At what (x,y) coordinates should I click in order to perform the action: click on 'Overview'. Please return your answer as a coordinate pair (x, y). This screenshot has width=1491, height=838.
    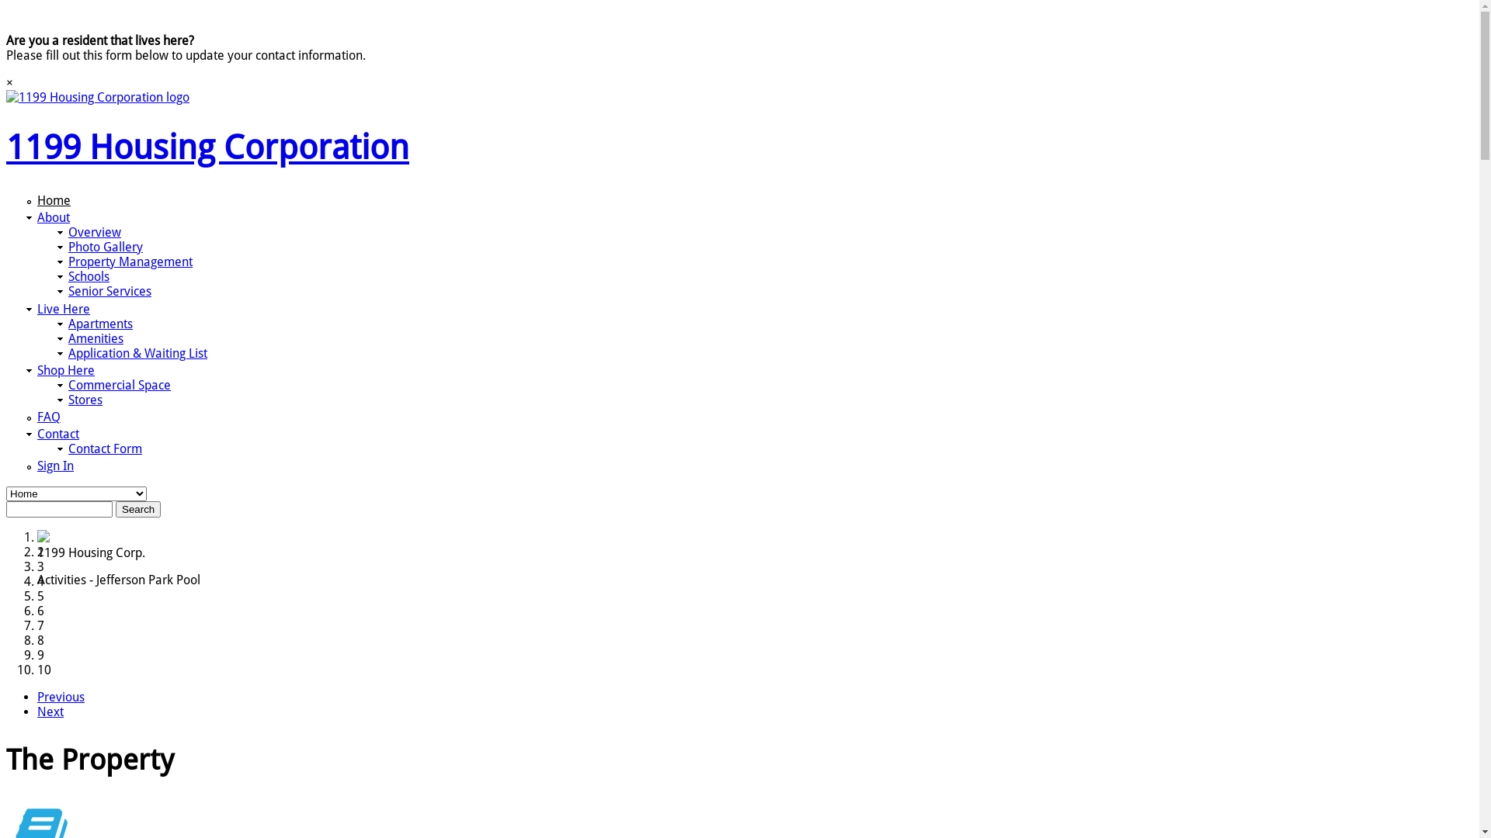
    Looking at the image, I should click on (93, 232).